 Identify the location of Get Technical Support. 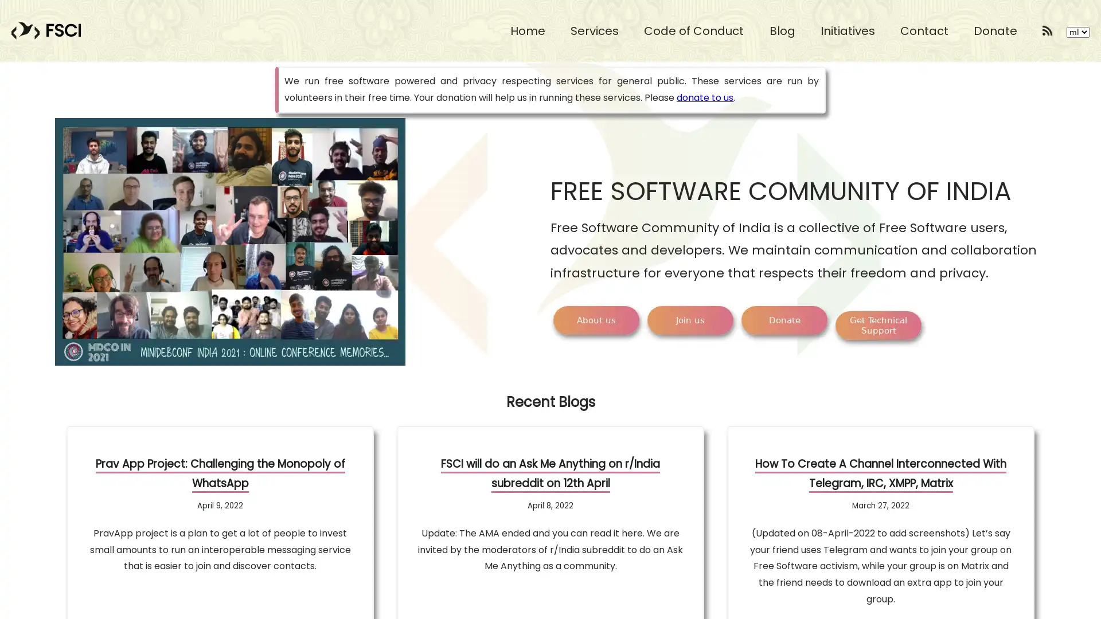
(877, 325).